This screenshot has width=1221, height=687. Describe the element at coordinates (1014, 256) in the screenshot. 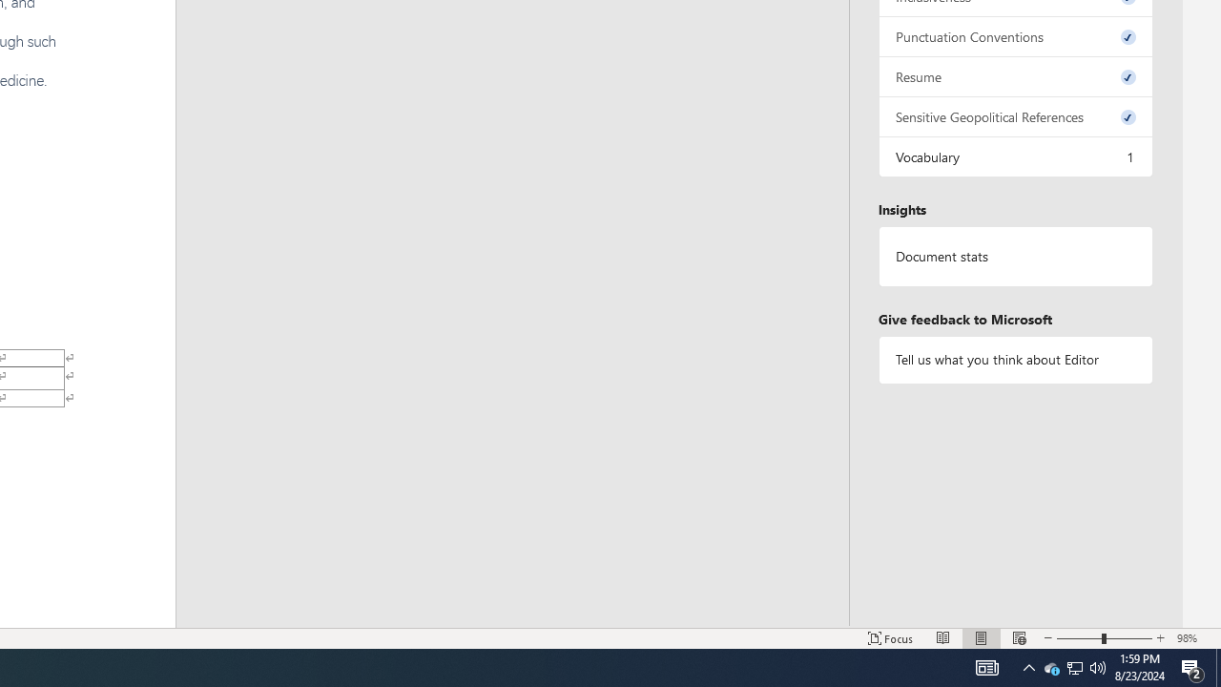

I see `'Document statistics'` at that location.